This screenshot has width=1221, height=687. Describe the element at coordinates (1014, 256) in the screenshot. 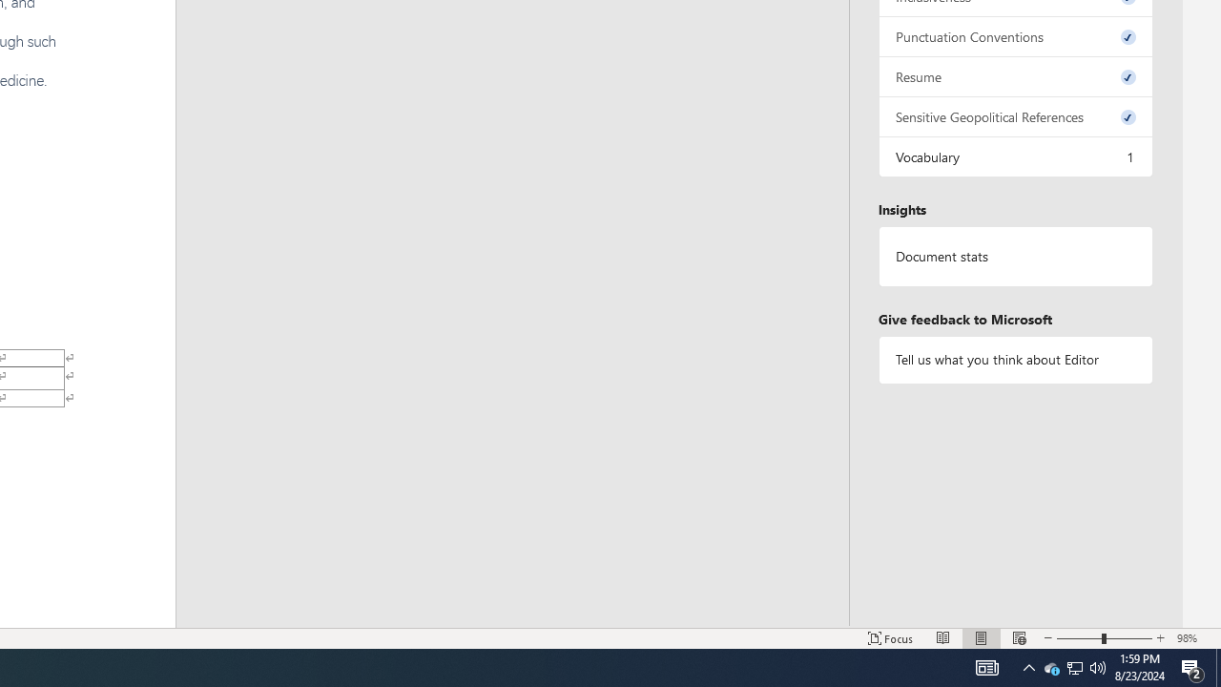

I see `'Document statistics'` at that location.